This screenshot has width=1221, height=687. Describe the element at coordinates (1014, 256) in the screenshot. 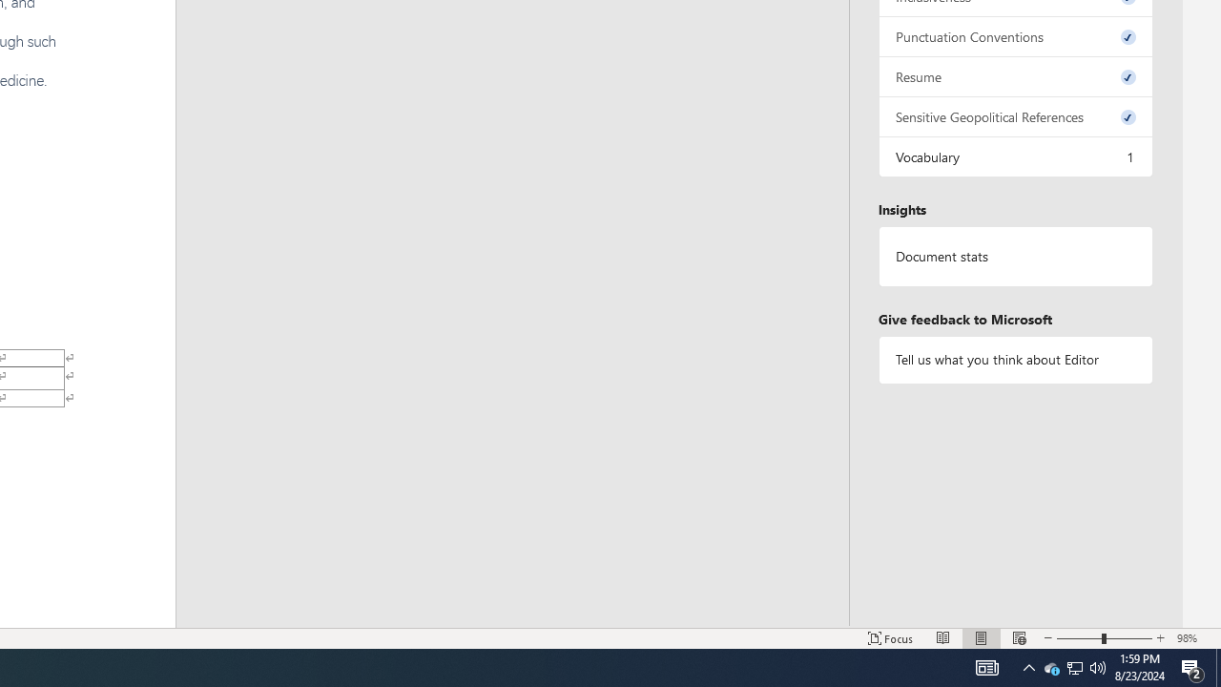

I see `'Document statistics'` at that location.